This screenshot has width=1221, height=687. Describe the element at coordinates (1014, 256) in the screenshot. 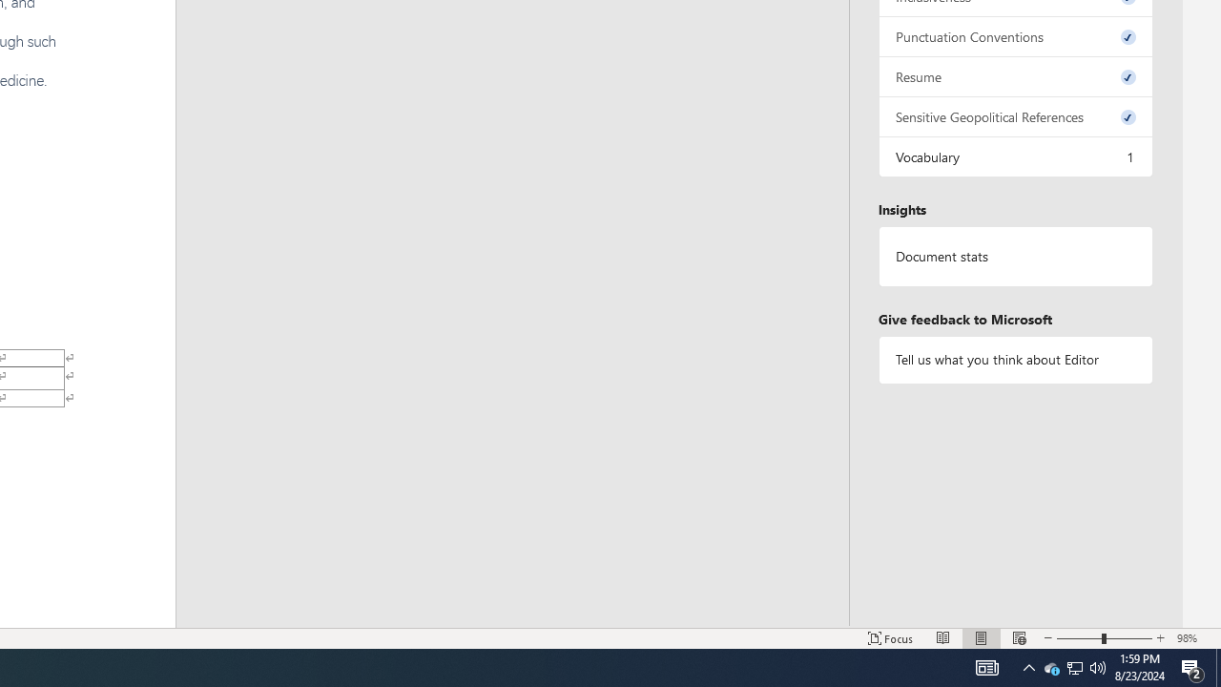

I see `'Document statistics'` at that location.